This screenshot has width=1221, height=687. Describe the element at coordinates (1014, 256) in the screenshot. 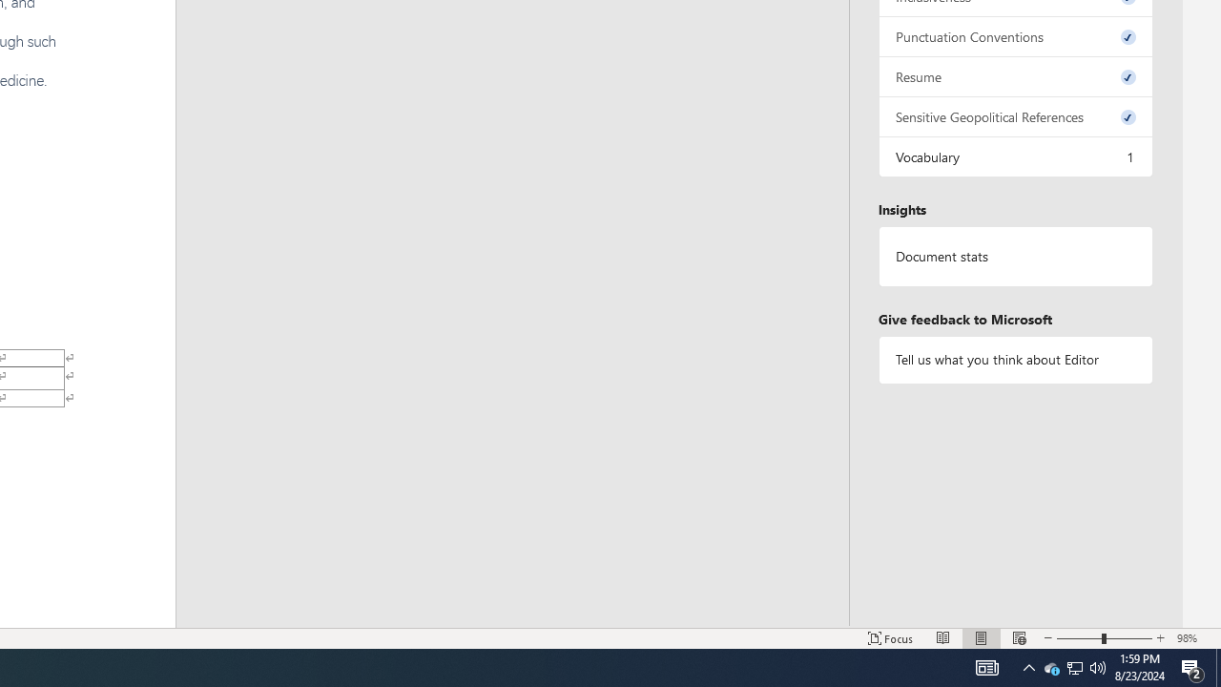

I see `'Document statistics'` at that location.